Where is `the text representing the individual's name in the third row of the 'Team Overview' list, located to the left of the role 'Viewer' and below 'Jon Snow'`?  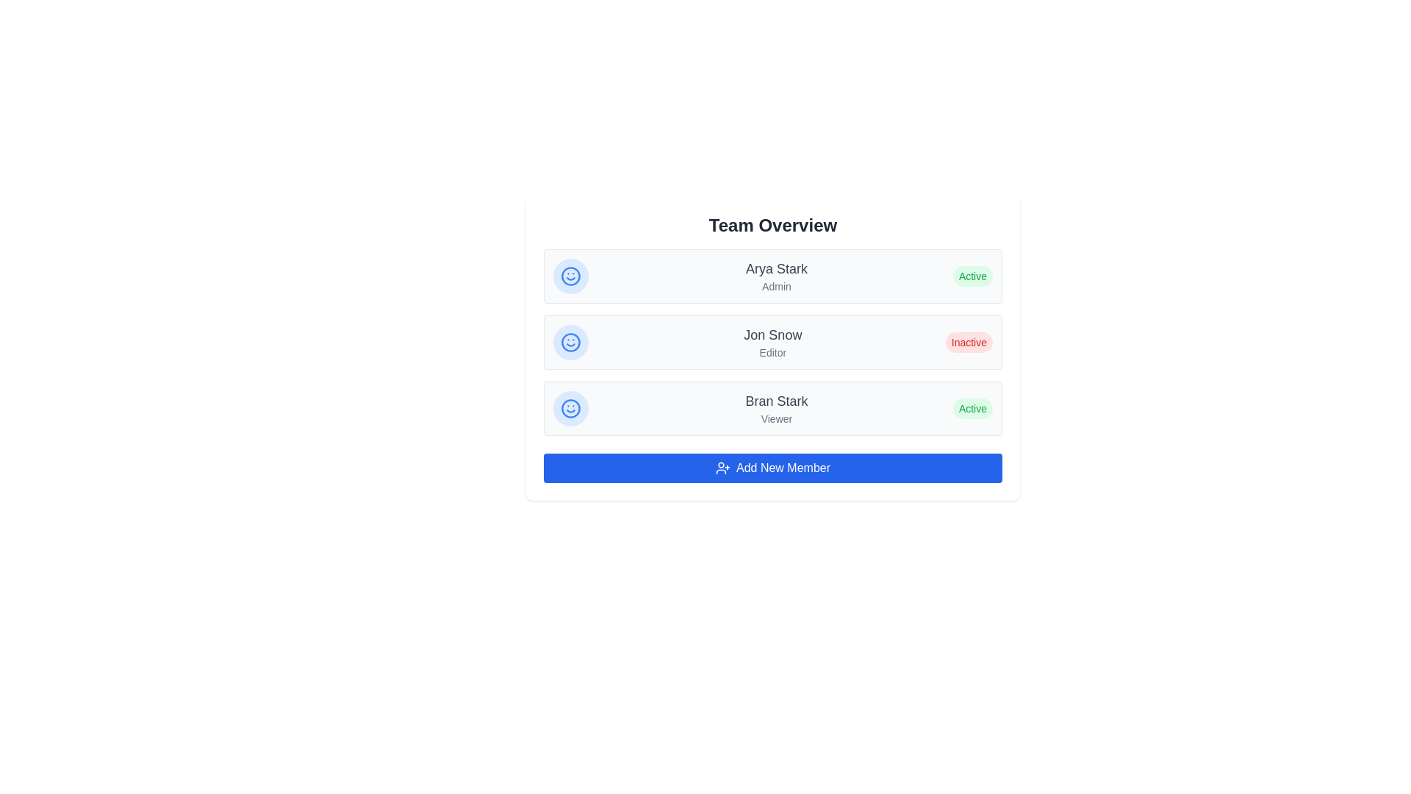
the text representing the individual's name in the third row of the 'Team Overview' list, located to the left of the role 'Viewer' and below 'Jon Snow' is located at coordinates (775, 401).